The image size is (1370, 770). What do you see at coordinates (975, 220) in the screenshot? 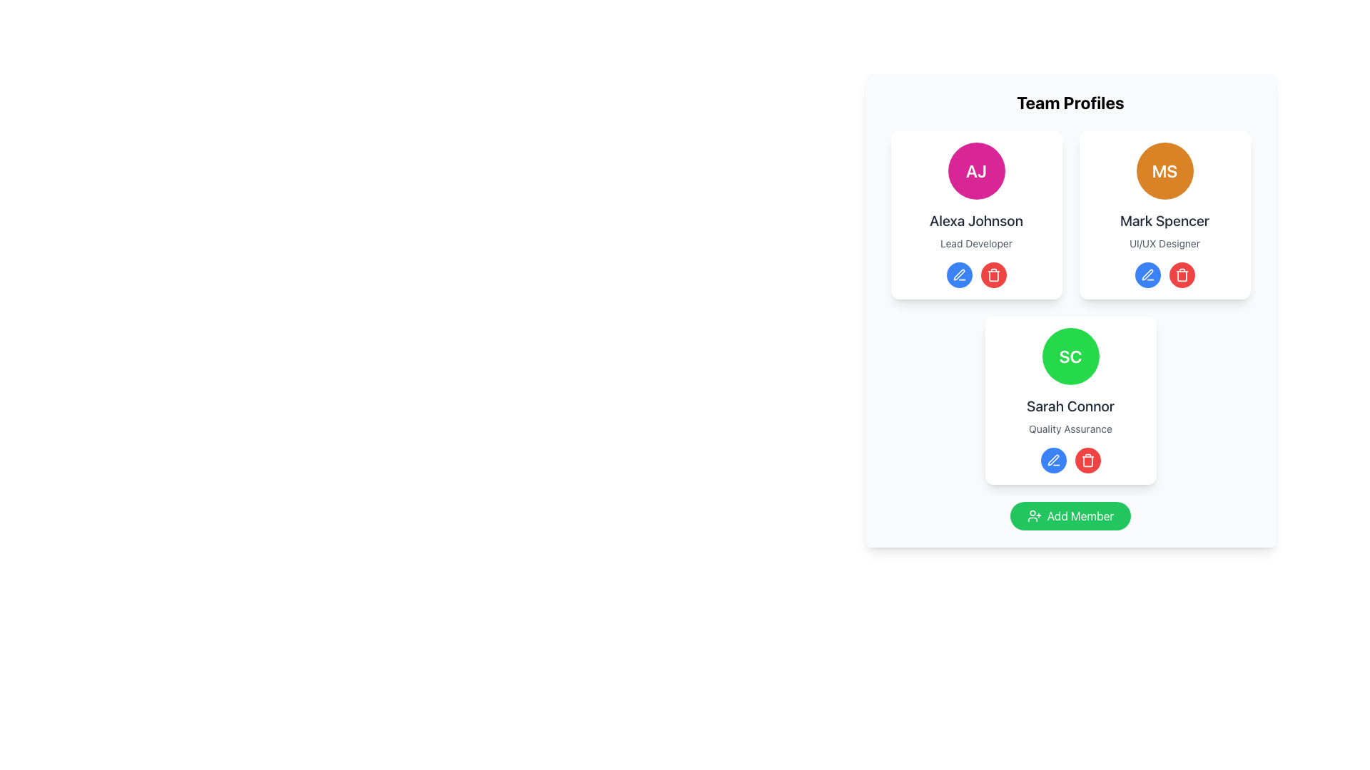
I see `text label displaying 'Alexa Johnson' located in the first profile card of the 'Team Profiles' grid, positioned below the circular badge with initials 'AJ'` at bounding box center [975, 220].